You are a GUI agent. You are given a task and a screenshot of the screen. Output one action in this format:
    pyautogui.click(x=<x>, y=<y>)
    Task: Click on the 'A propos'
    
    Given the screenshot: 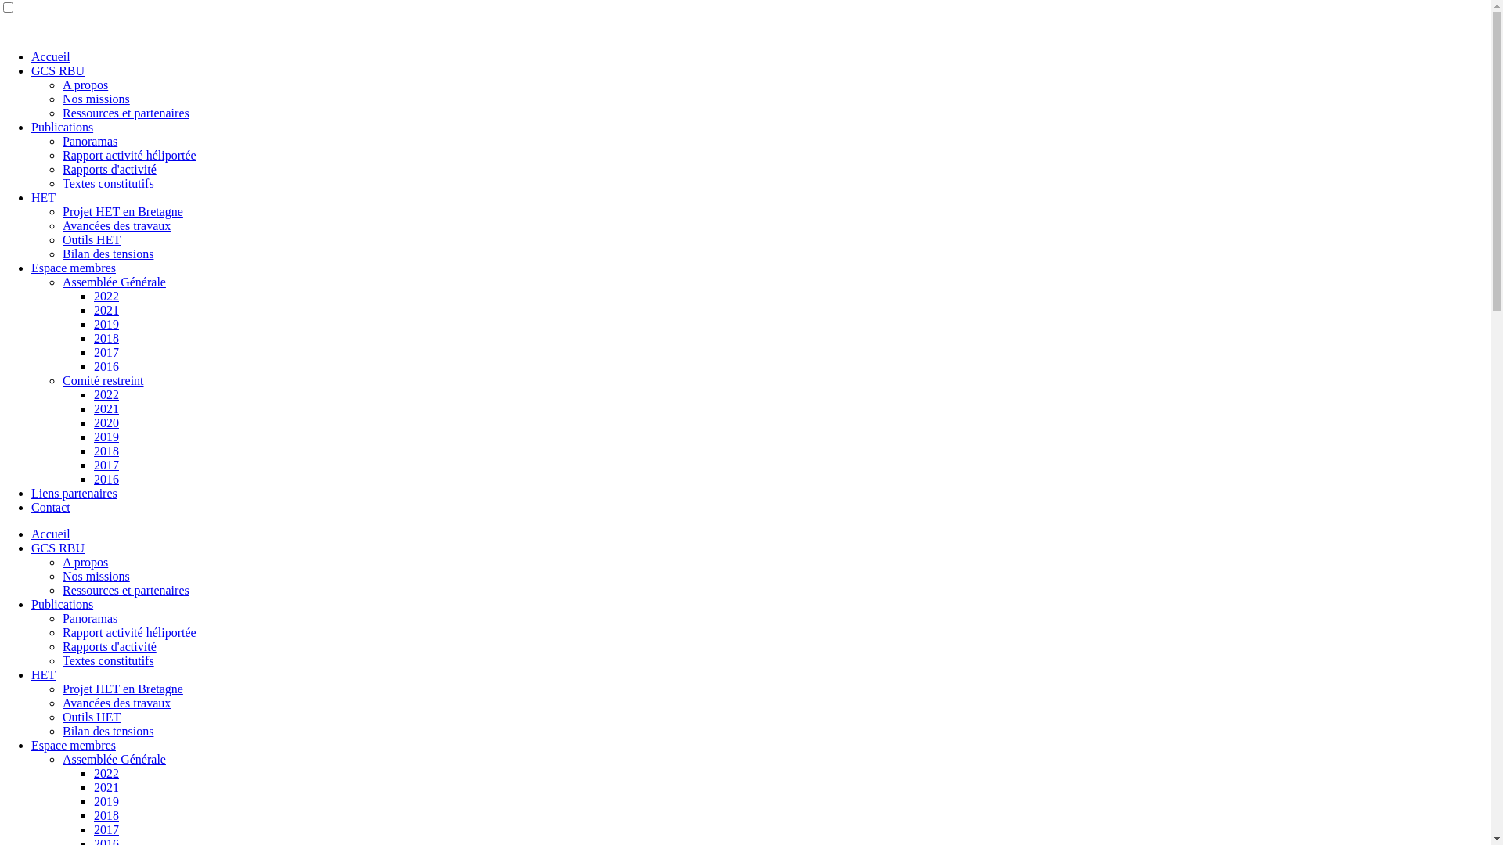 What is the action you would take?
    pyautogui.click(x=63, y=84)
    